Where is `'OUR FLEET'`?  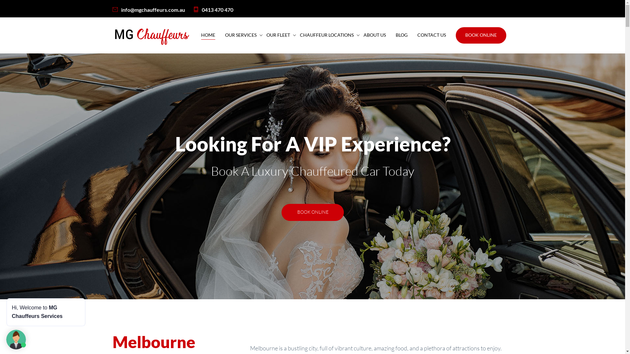
'OUR FLEET' is located at coordinates (278, 35).